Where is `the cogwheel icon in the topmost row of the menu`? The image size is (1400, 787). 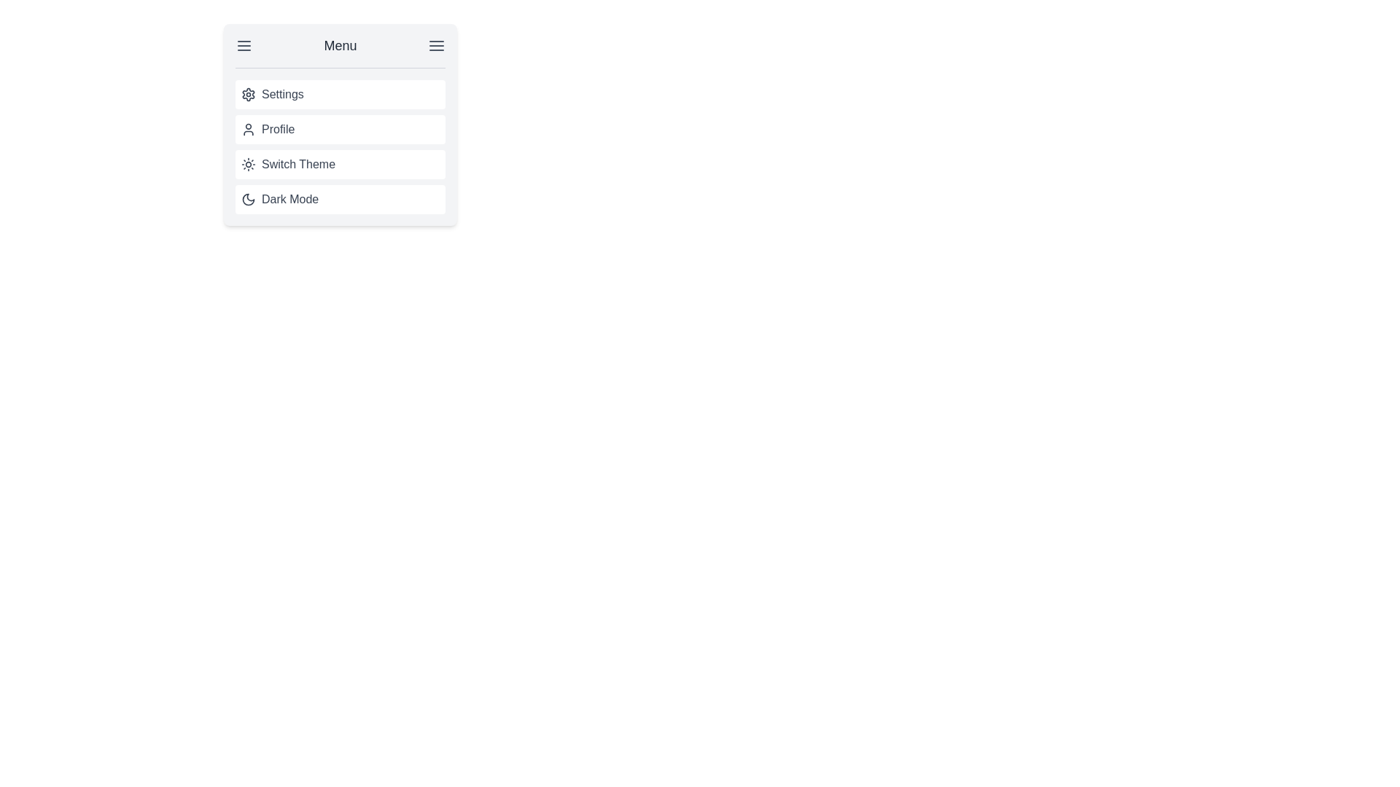 the cogwheel icon in the topmost row of the menu is located at coordinates (248, 93).